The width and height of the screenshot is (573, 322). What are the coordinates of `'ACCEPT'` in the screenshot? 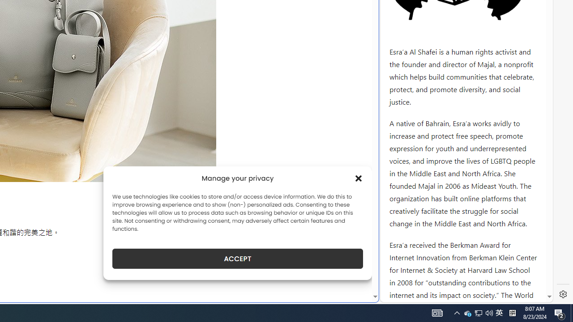 It's located at (238, 258).